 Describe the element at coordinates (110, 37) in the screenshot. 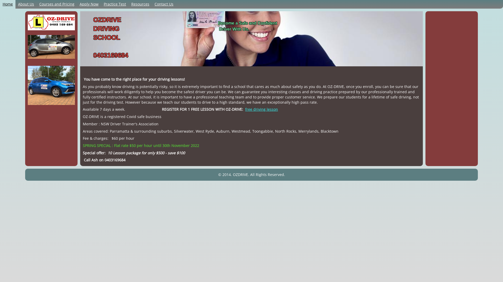

I see `'OZDRIVE` at that location.